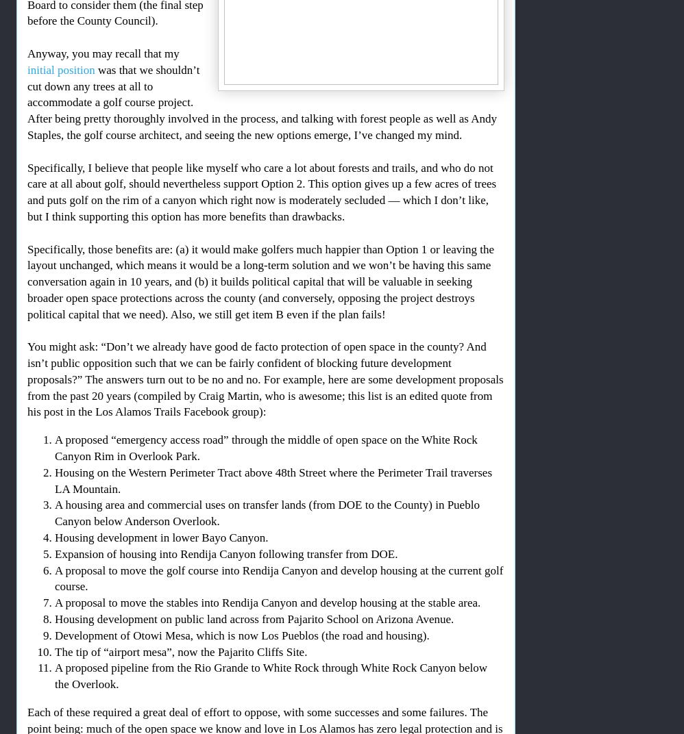 This screenshot has height=734, width=684. I want to click on 'Housing development in lower Bayo Canyon.', so click(161, 537).